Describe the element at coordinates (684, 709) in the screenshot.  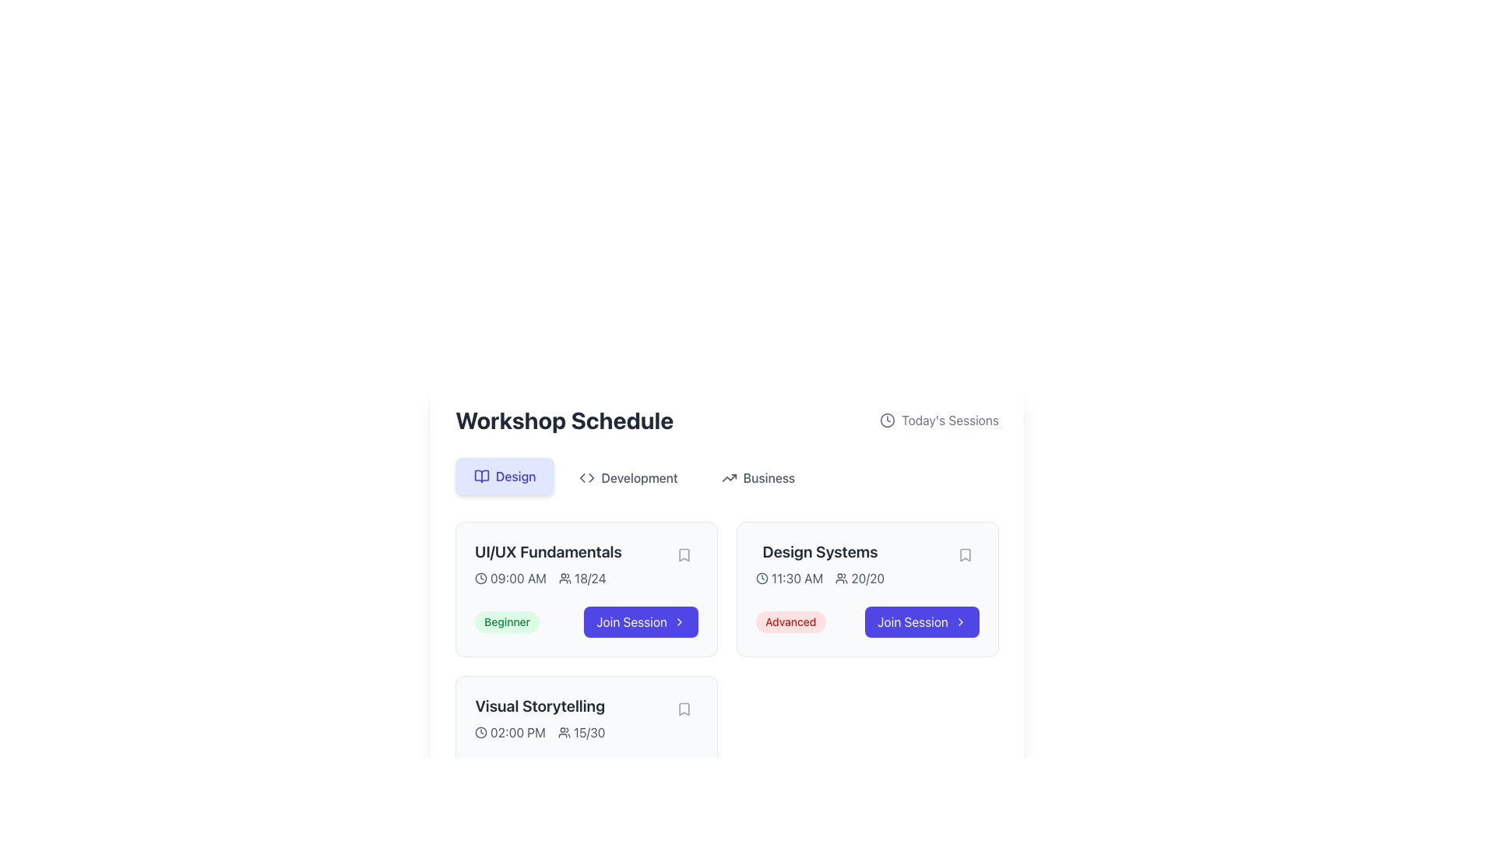
I see `the bookmark icon` at that location.